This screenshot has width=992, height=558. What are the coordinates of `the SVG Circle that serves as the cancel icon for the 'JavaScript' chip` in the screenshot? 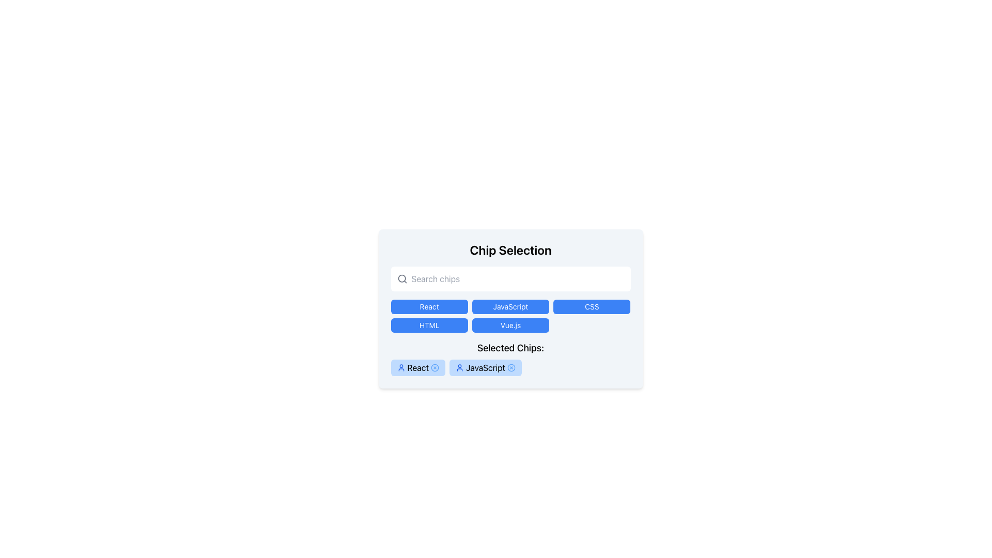 It's located at (511, 367).